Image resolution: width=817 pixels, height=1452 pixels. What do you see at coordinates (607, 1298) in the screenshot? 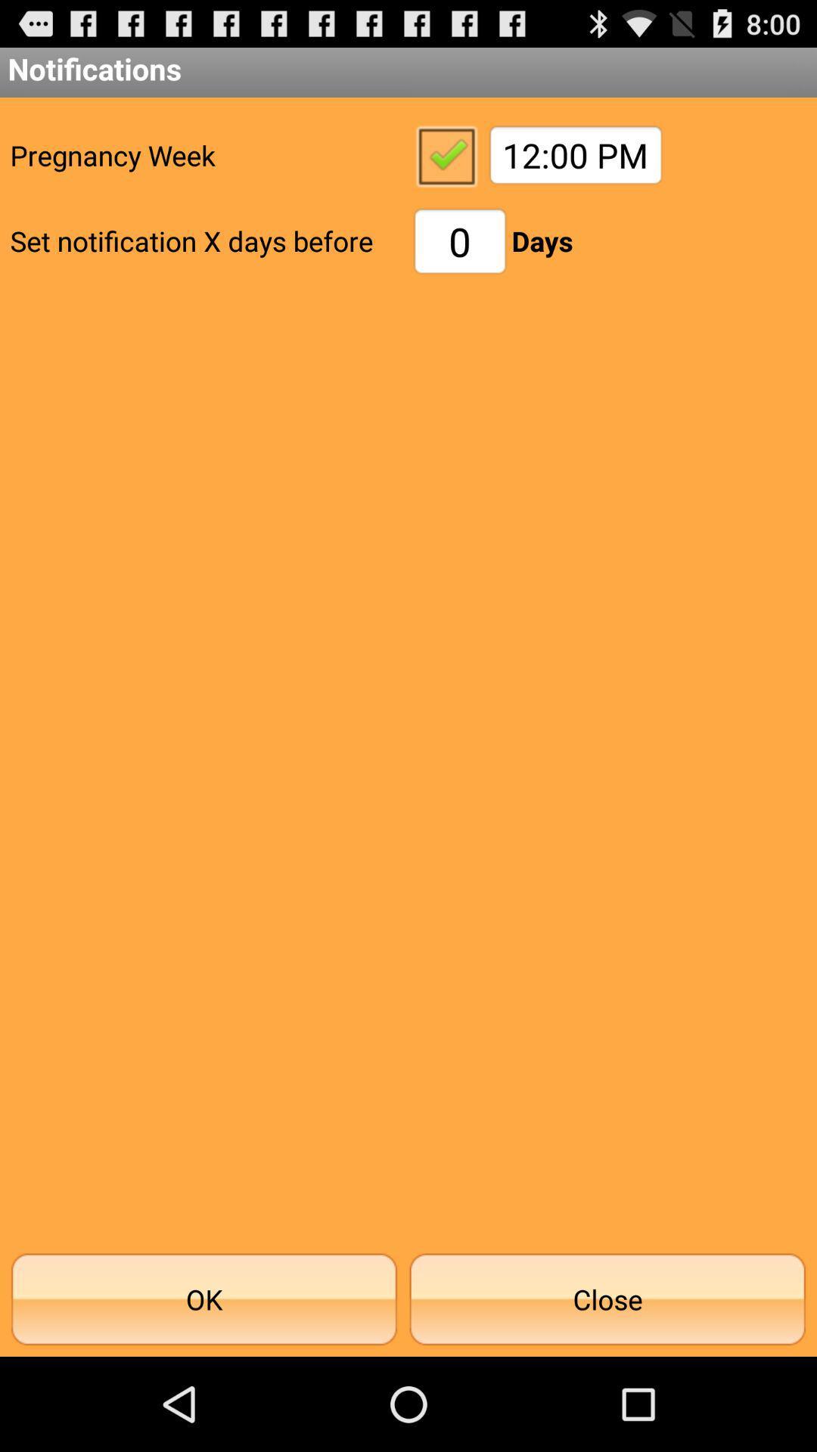
I see `the button to the right of ok icon` at bounding box center [607, 1298].